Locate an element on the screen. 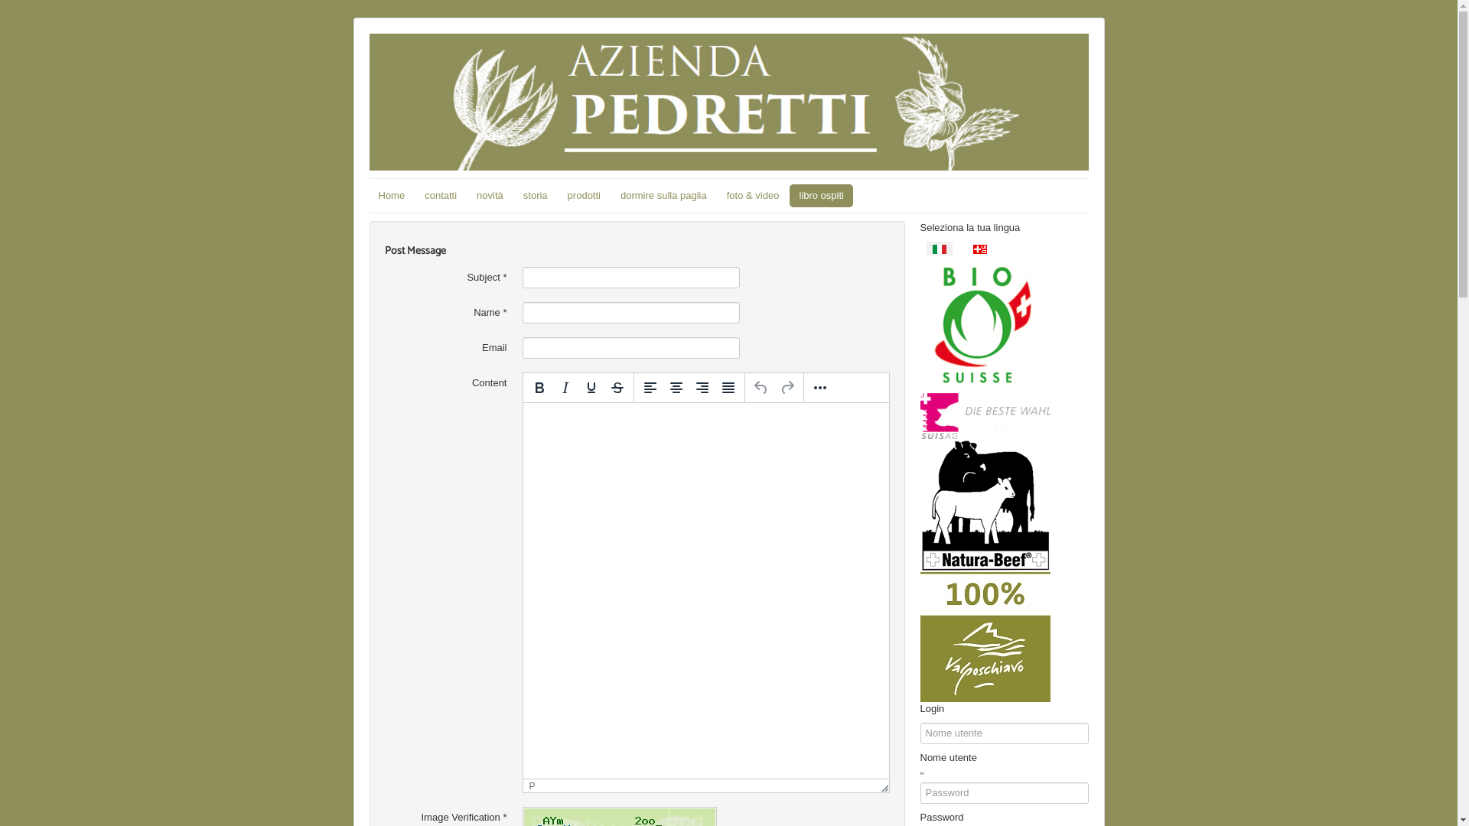  'More...' is located at coordinates (806, 386).